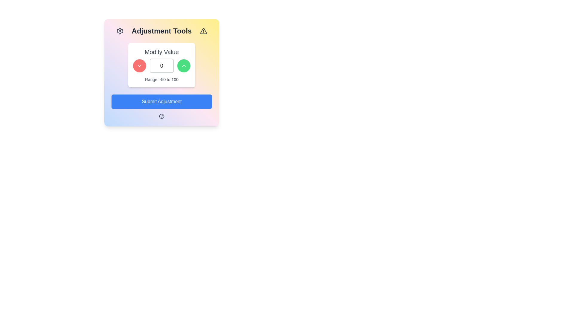 Image resolution: width=574 pixels, height=323 pixels. Describe the element at coordinates (162, 65) in the screenshot. I see `the decrement button within the 'Modify Value' control group to decrease the numeric value` at that location.